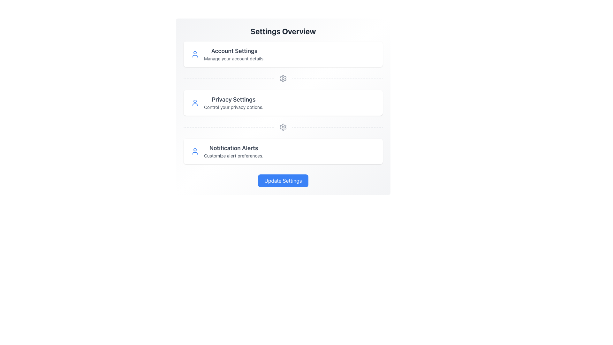 Image resolution: width=613 pixels, height=345 pixels. Describe the element at coordinates (233, 102) in the screenshot. I see `information displayed in the Text Display element located in the middle card of the vertical stack, which provides guidance on managing privacy settings` at that location.